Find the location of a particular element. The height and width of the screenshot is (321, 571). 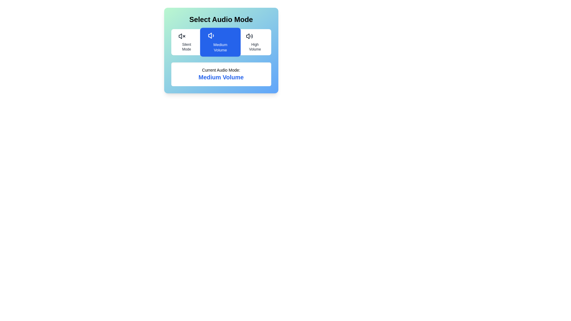

the audio mode by clicking on the button corresponding to High Volume is located at coordinates (255, 42).